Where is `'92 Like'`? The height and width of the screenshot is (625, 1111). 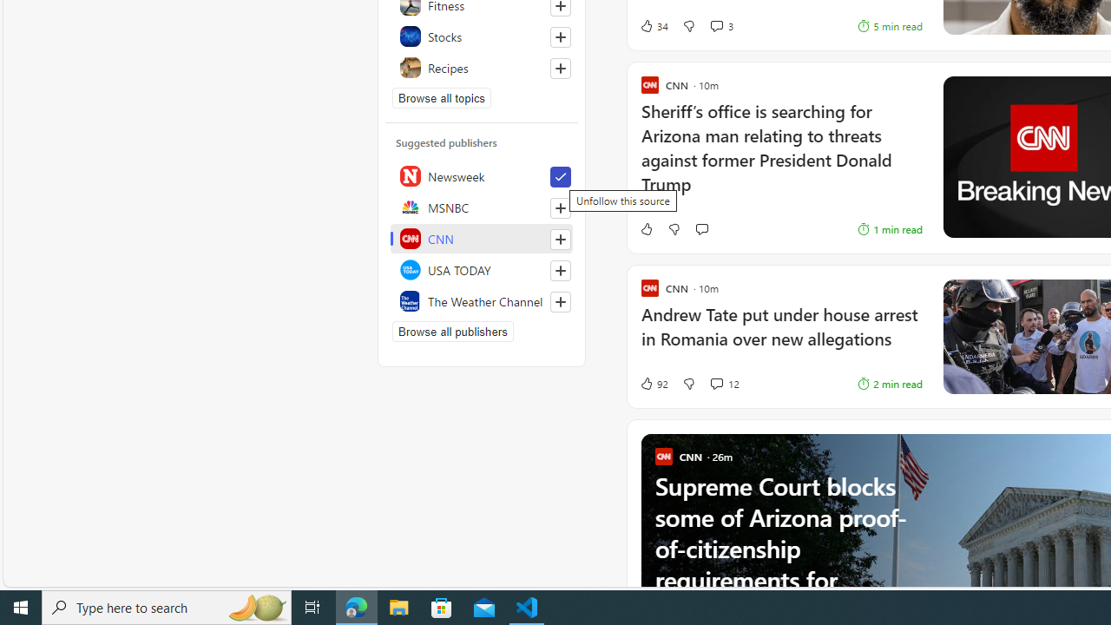
'92 Like' is located at coordinates (653, 383).